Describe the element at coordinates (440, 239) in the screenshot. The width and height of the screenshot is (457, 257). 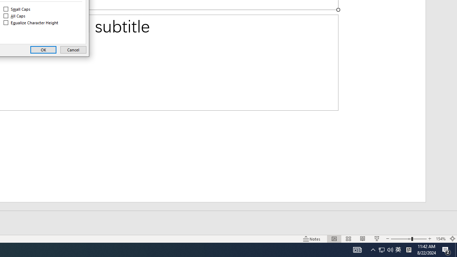
I see `'Zoom 154%'` at that location.